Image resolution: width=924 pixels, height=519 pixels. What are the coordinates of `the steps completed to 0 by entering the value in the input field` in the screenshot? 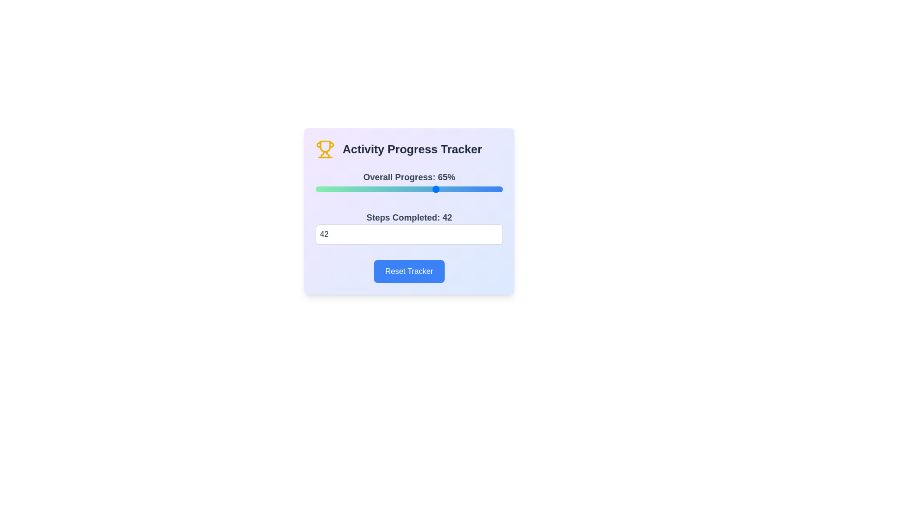 It's located at (409, 235).